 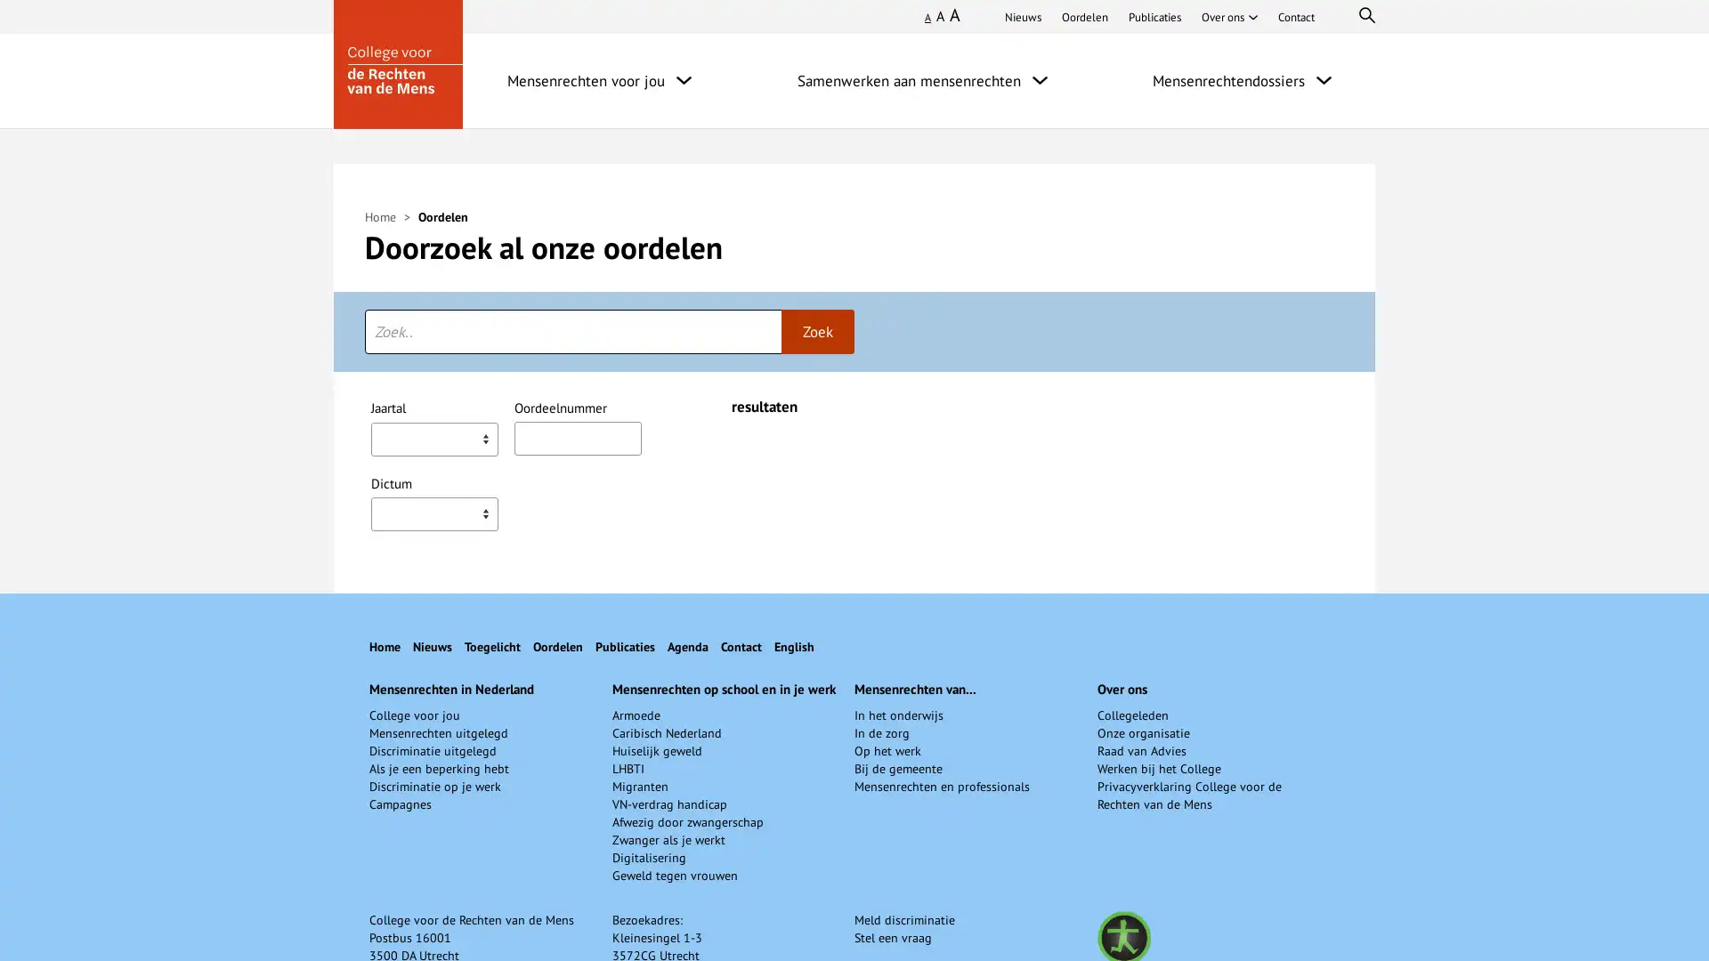 What do you see at coordinates (1046, 913) in the screenshot?
I see `Levensovertuiging,` at bounding box center [1046, 913].